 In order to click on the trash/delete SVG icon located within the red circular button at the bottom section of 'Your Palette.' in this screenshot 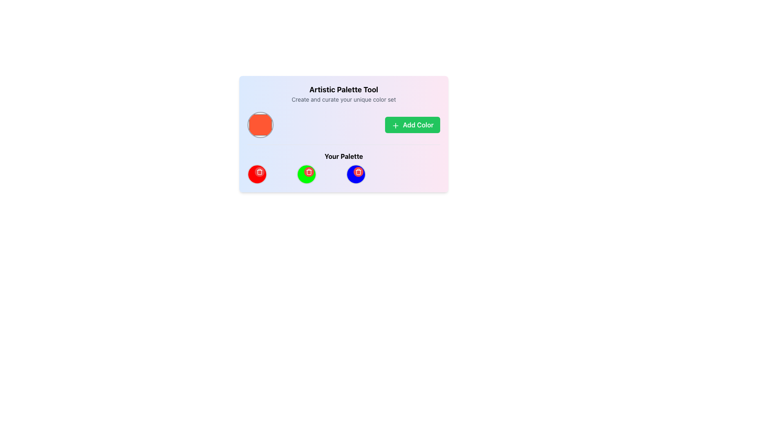, I will do `click(259, 171)`.